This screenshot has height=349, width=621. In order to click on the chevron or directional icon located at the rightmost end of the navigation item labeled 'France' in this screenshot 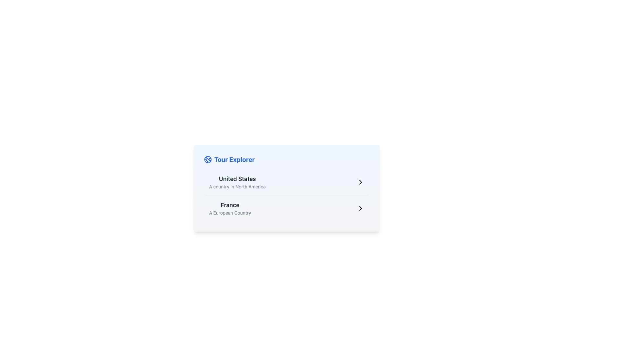, I will do `click(360, 182)`.